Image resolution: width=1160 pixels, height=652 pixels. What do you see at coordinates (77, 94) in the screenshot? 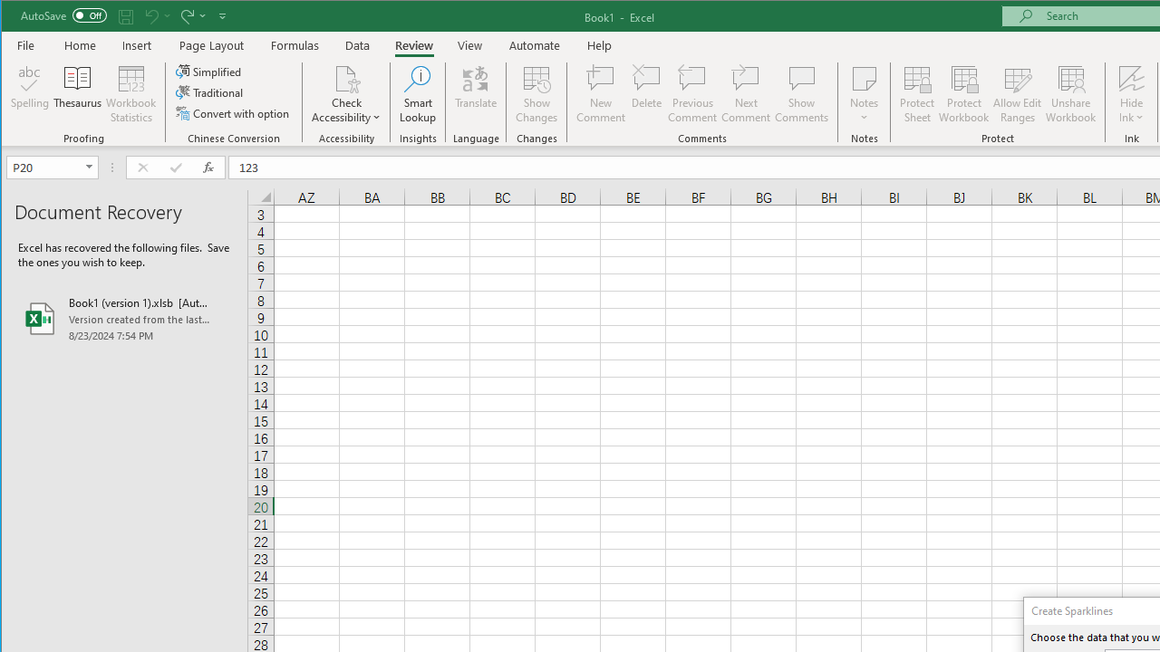
I see `'Thesaurus...'` at bounding box center [77, 94].